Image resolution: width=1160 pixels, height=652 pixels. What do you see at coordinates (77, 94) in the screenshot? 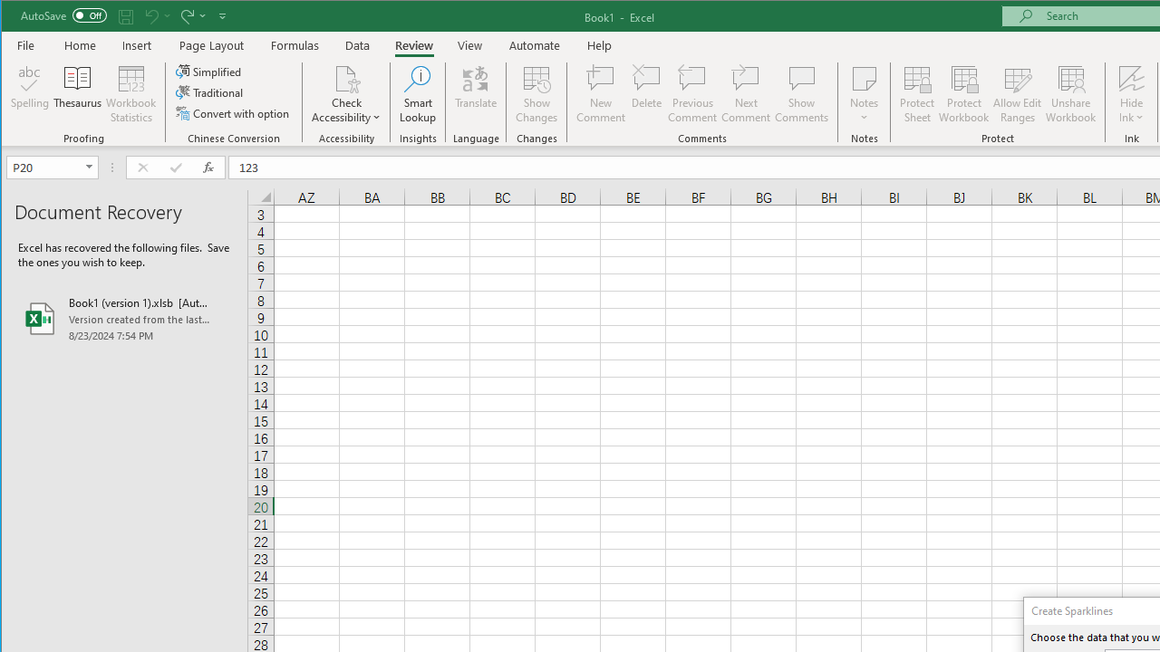
I see `'Thesaurus...'` at bounding box center [77, 94].